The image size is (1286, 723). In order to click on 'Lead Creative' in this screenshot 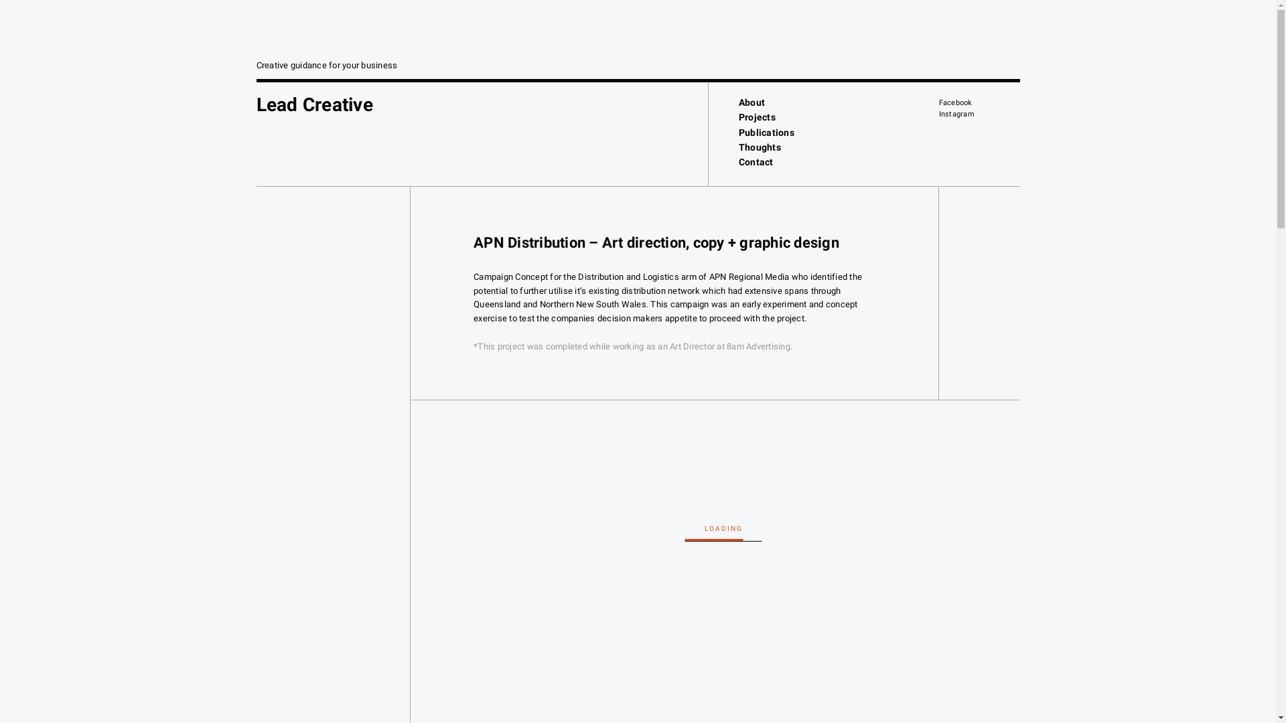, I will do `click(313, 104)`.